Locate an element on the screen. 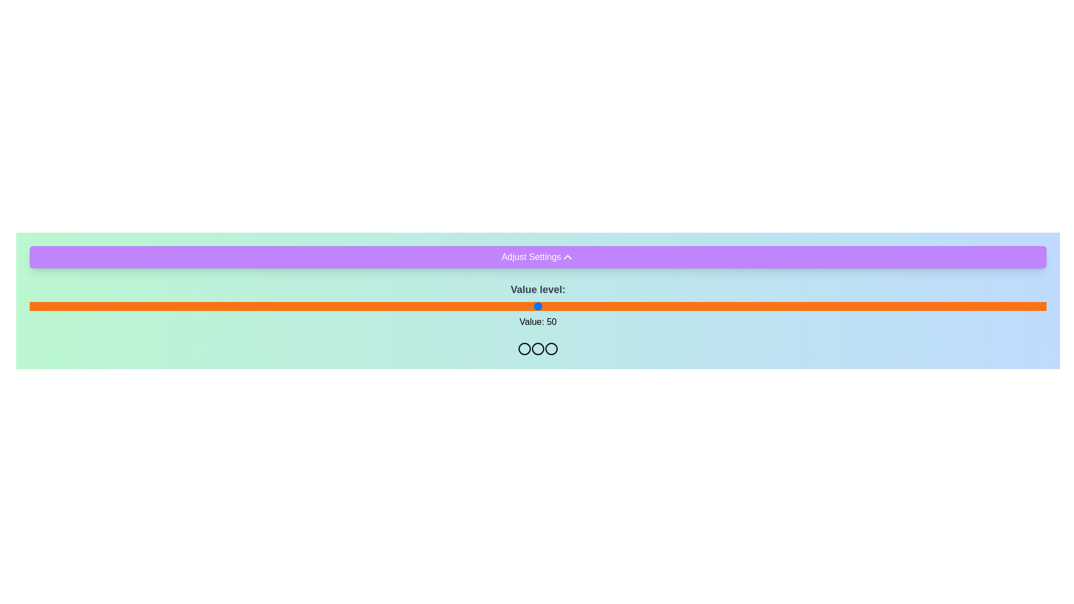 Image resolution: width=1074 pixels, height=604 pixels. the slider to set the value to 69 is located at coordinates (731, 306).